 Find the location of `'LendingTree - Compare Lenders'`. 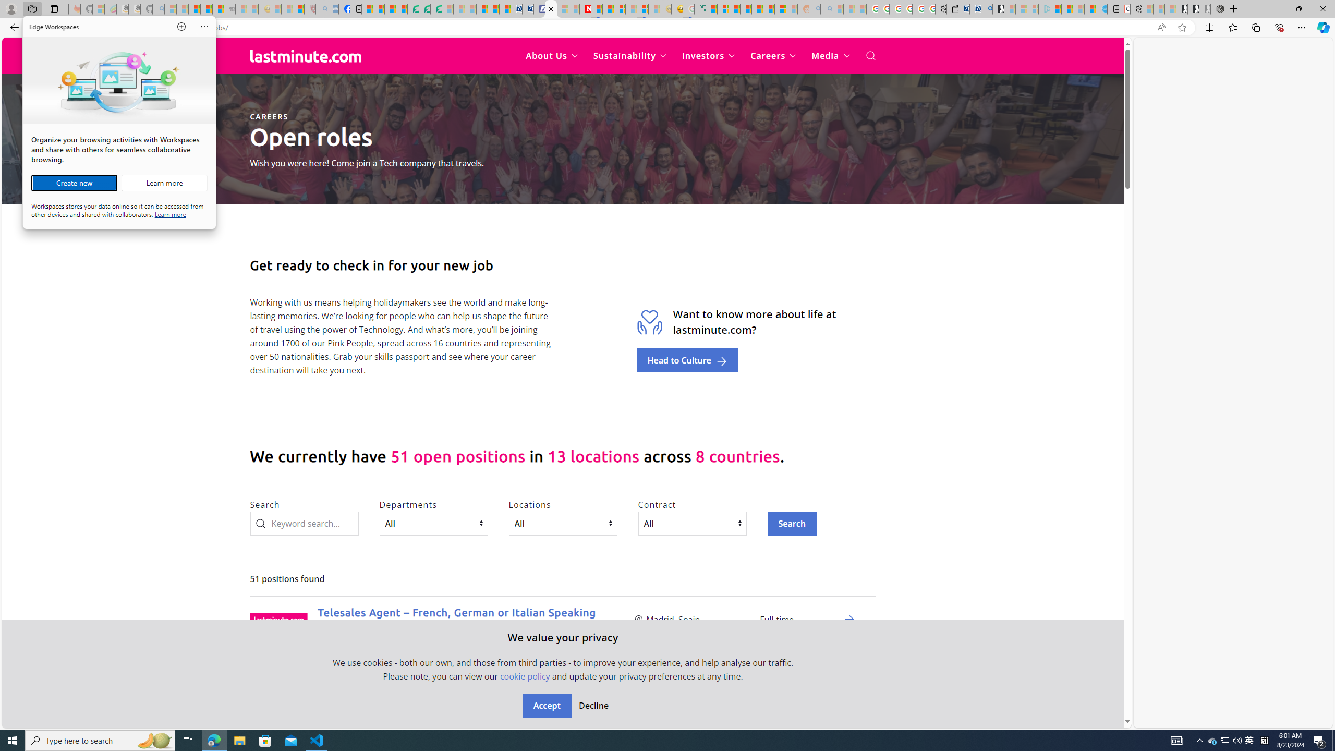

'LendingTree - Compare Lenders' is located at coordinates (412, 8).